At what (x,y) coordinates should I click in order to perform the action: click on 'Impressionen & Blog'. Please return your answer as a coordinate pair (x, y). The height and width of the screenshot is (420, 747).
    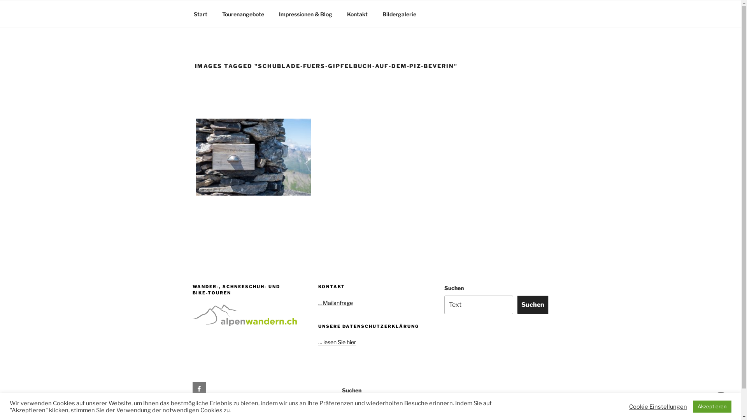
    Looking at the image, I should click on (305, 14).